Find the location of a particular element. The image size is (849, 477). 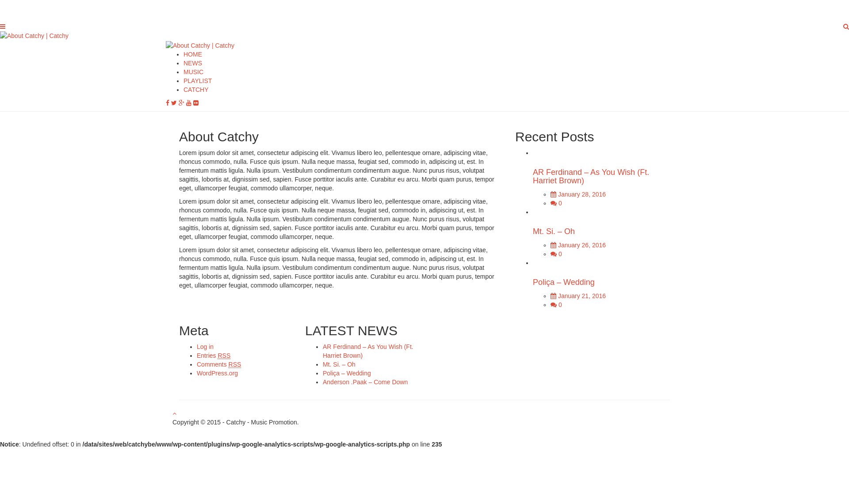

'Comments RSS' is located at coordinates (196, 364).